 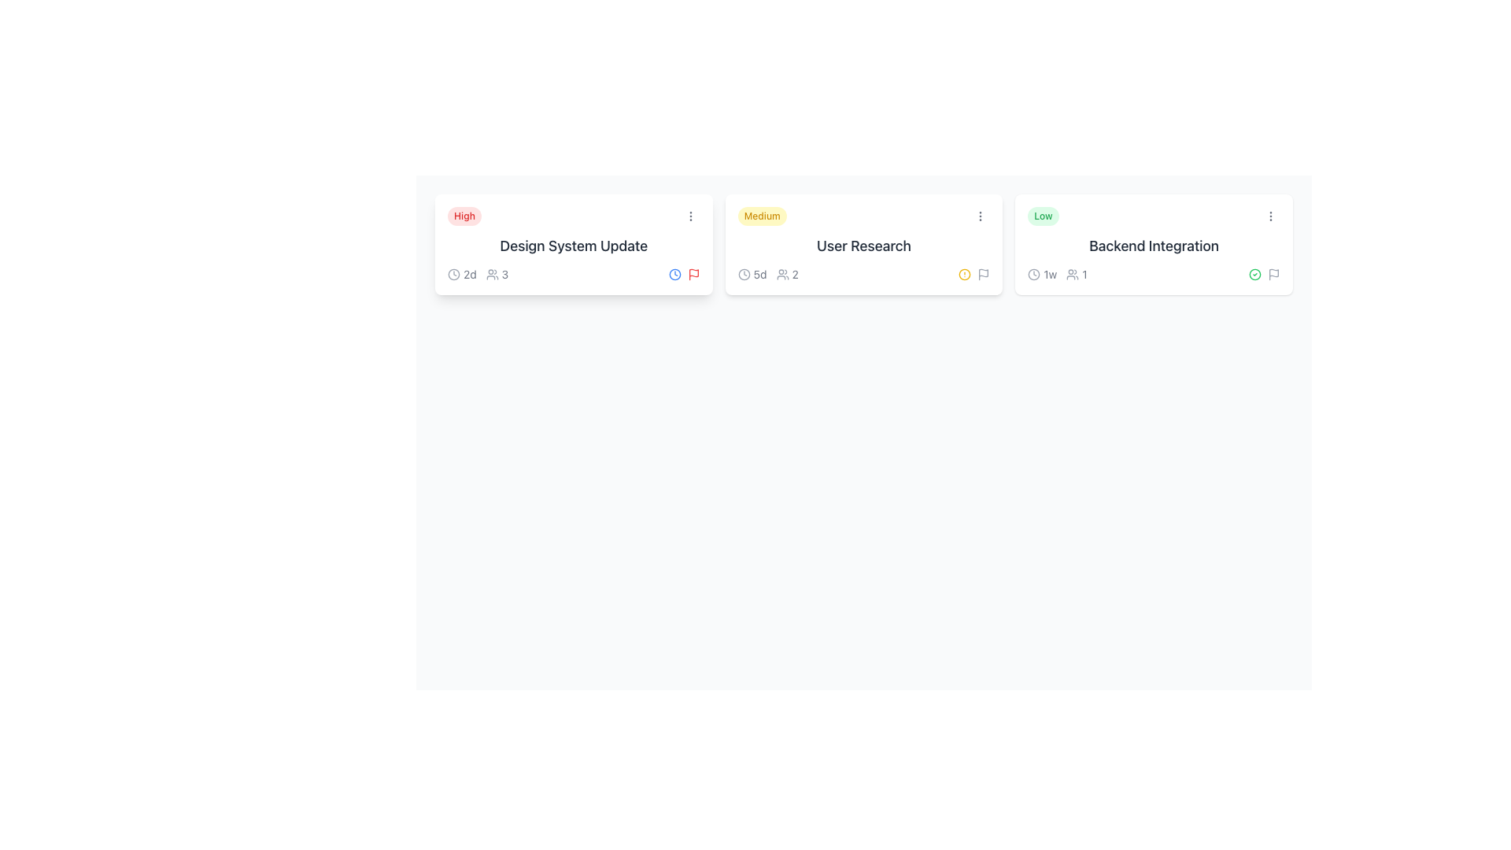 What do you see at coordinates (964, 273) in the screenshot?
I see `the yellow circular SVG icon with a centered dot, indicating an alert or notification, located at the bottom right corner of the 'User Research' card` at bounding box center [964, 273].